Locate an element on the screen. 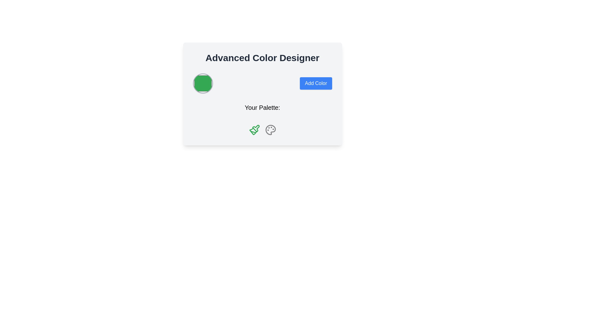 The image size is (596, 335). the circular green button in the Color Designer Card is located at coordinates (262, 94).